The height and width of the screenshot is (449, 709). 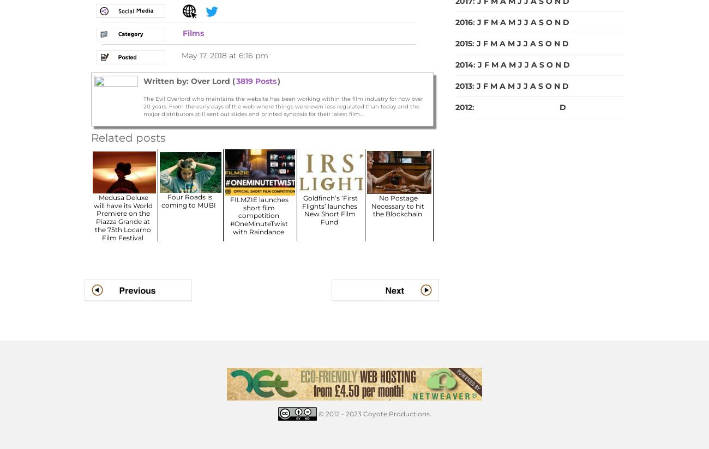 What do you see at coordinates (188, 80) in the screenshot?
I see `'Written by: Over Lord ('` at bounding box center [188, 80].